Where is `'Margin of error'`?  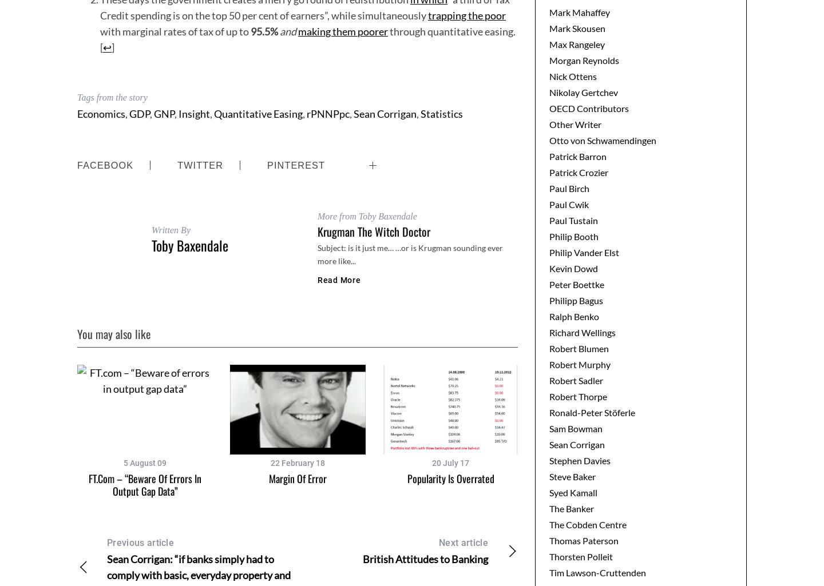
'Margin of error' is located at coordinates (297, 477).